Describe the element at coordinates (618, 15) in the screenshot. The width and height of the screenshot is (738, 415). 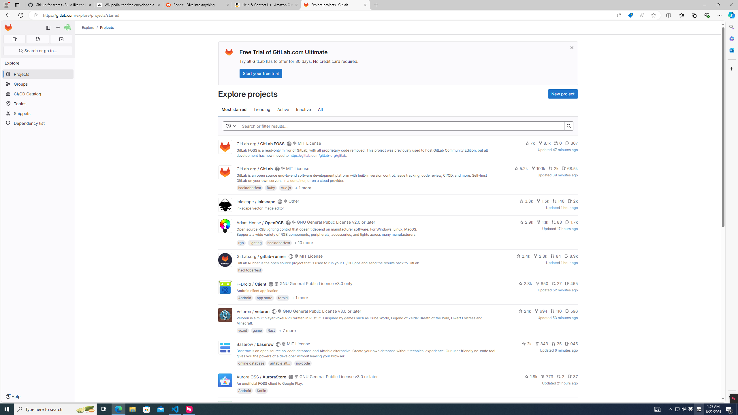
I see `'Open in app'` at that location.